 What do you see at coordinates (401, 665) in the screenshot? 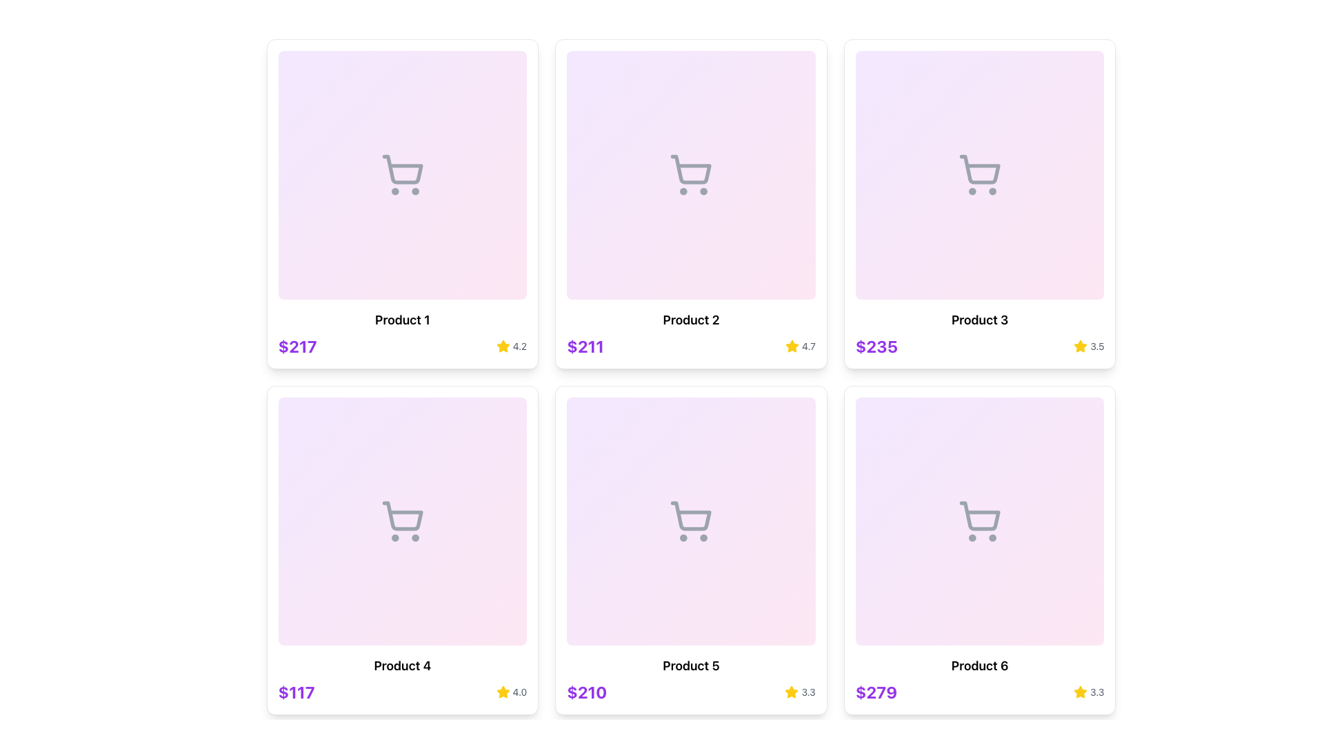
I see `the product title text label located in the second row, first column of the grid layout, which identifies the product clearly` at bounding box center [401, 665].